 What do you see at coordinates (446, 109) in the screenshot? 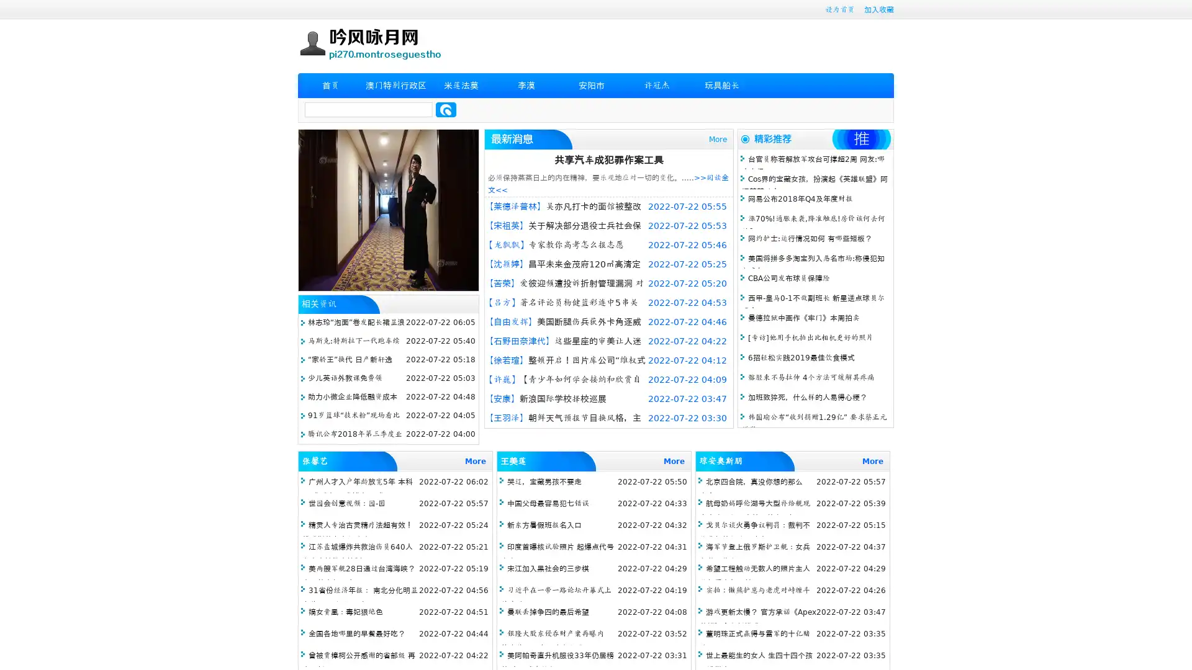
I see `Search` at bounding box center [446, 109].